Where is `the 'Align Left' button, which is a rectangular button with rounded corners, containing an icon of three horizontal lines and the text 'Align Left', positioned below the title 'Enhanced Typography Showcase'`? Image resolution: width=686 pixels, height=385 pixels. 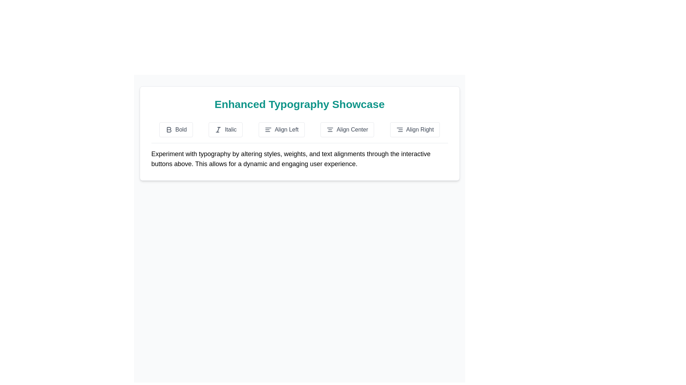 the 'Align Left' button, which is a rectangular button with rounded corners, containing an icon of three horizontal lines and the text 'Align Left', positioned below the title 'Enhanced Typography Showcase' is located at coordinates (281, 129).